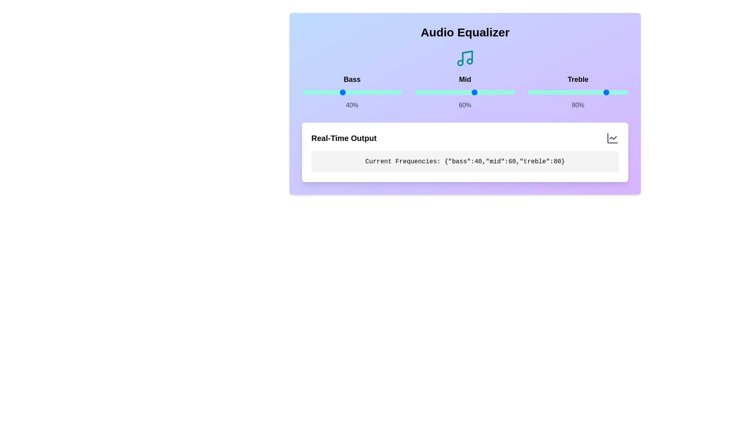  I want to click on the static text element displaying '80%' that is located below the 'Treble' slider in the audio equalizer interface, so click(578, 105).